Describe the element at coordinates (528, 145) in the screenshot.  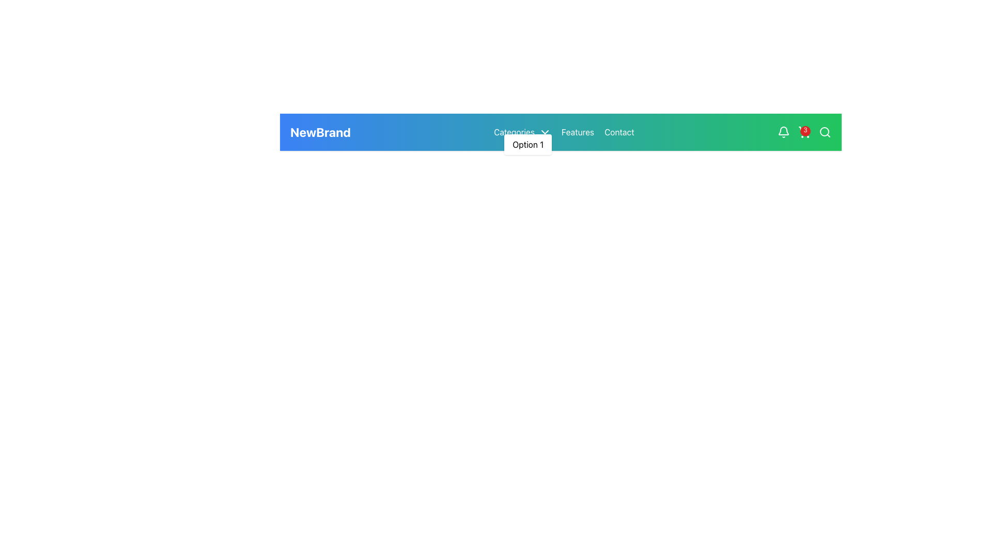
I see `the 'Option 1' dropdown menu item, which is styled with black text on a white background and is located directly below the 'Categories' label in the dropdown menu` at that location.